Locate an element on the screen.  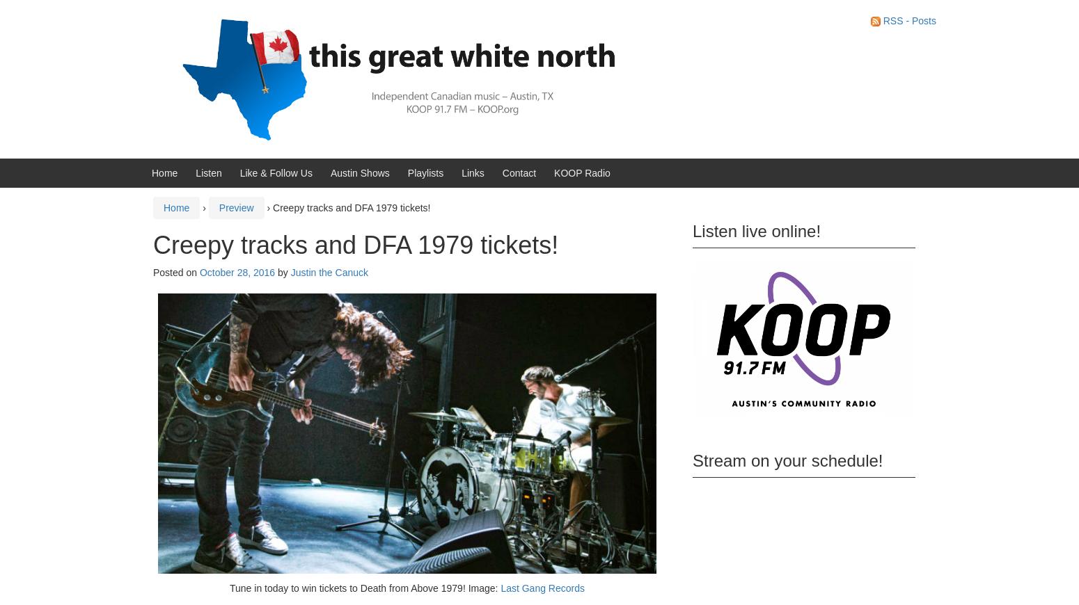
'Listen' is located at coordinates (208, 172).